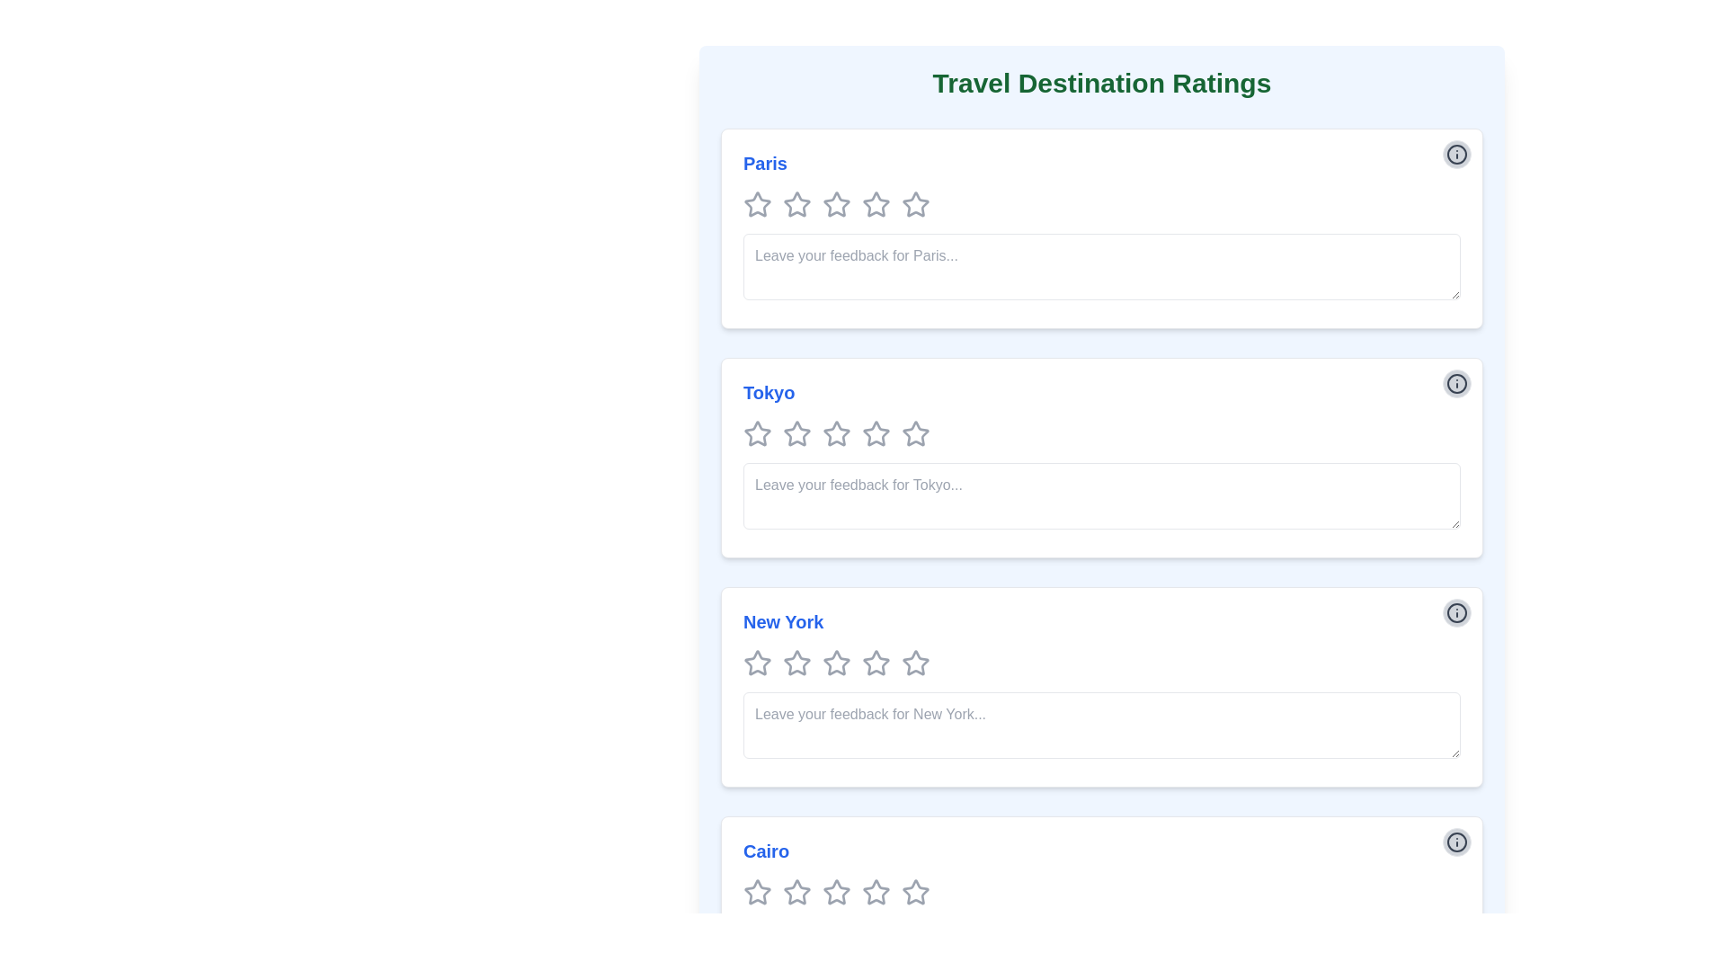 The image size is (1726, 971). Describe the element at coordinates (876, 892) in the screenshot. I see `the second star icon in the rating section for 'Cairo'` at that location.